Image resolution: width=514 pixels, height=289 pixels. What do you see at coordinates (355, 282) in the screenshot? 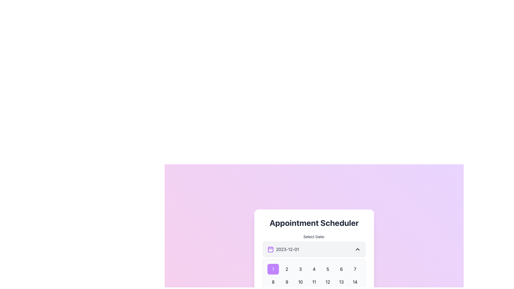
I see `the rounded square button containing the number '14'` at bounding box center [355, 282].